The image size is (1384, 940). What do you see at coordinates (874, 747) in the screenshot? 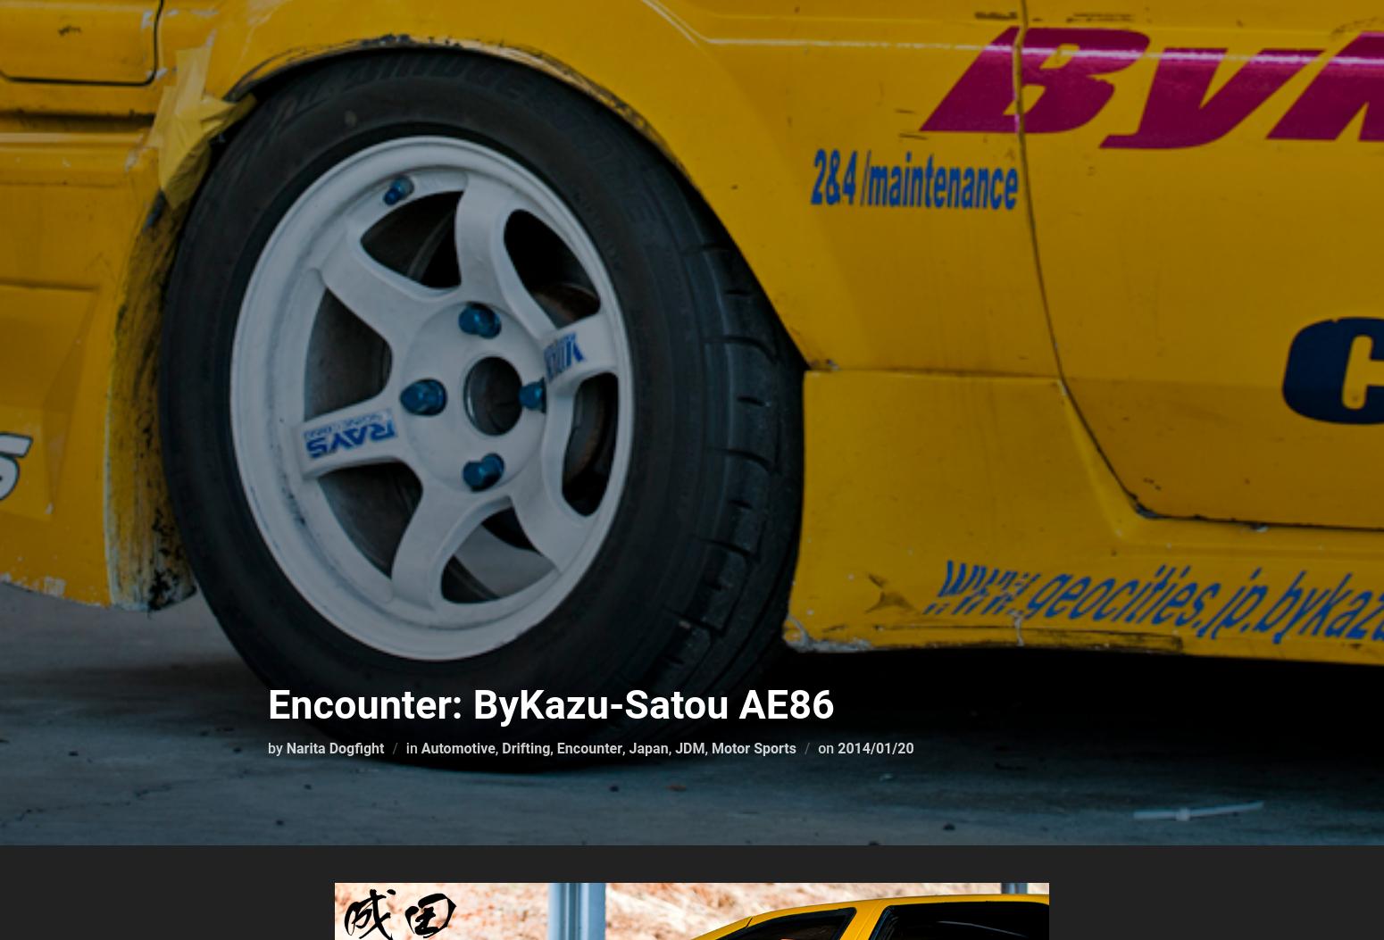
I see `'2014/01/20'` at bounding box center [874, 747].